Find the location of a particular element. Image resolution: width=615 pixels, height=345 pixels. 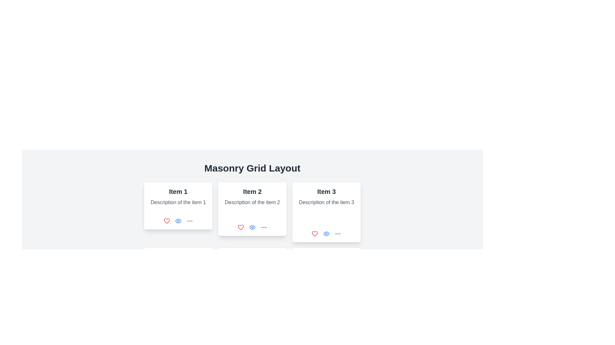

the Action bar with icons located at the bottom of 'Item 3' card for keyboard interactions is located at coordinates (326, 234).